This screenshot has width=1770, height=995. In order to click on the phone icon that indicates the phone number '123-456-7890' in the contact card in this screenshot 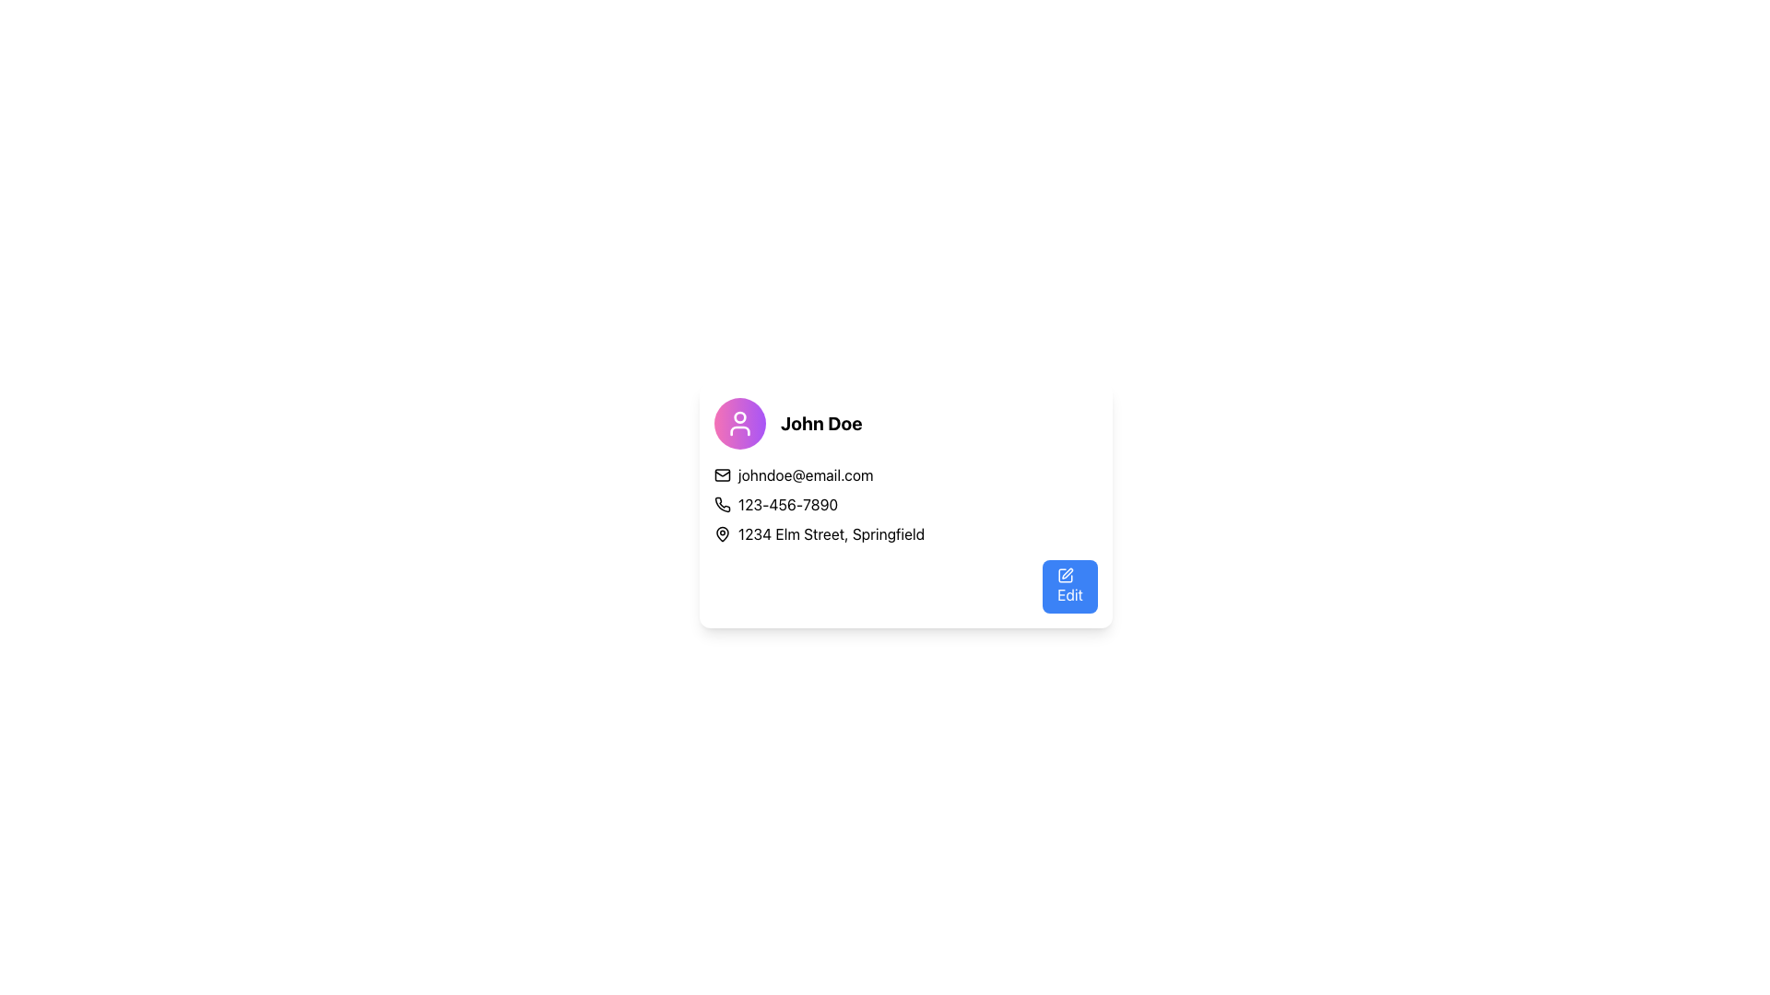, I will do `click(721, 504)`.